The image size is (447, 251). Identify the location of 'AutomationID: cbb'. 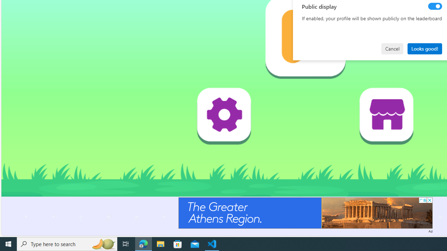
(429, 200).